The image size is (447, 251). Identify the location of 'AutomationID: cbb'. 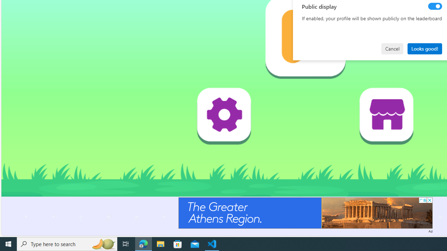
(429, 200).